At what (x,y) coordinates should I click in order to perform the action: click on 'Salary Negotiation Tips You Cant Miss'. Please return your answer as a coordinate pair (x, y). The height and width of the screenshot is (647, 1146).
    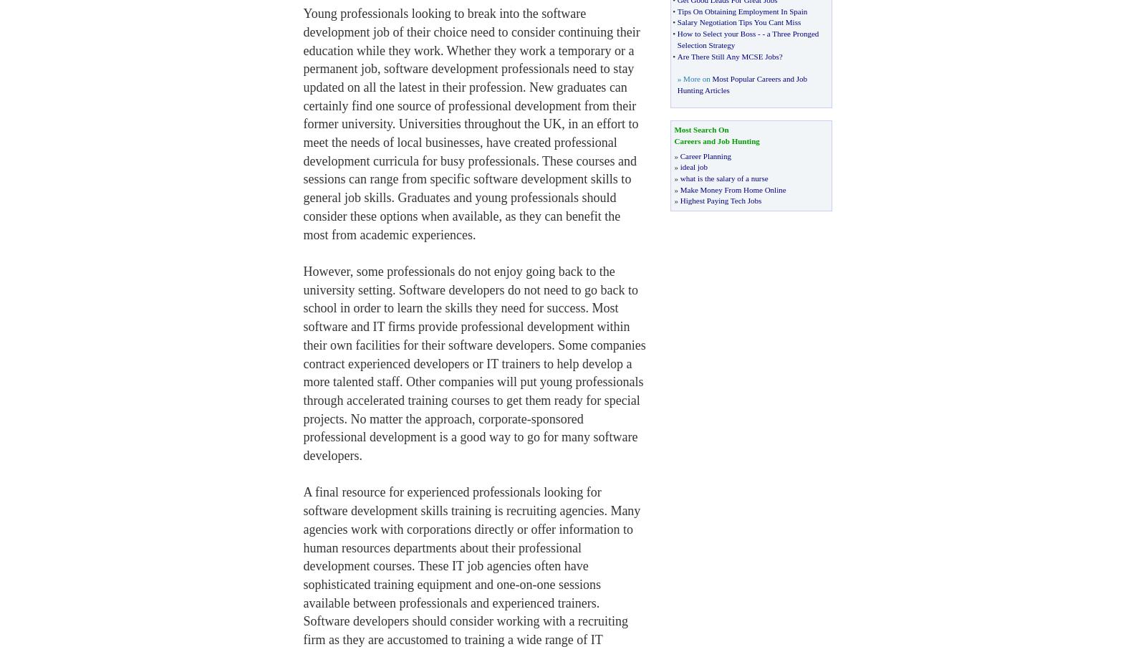
    Looking at the image, I should click on (738, 21).